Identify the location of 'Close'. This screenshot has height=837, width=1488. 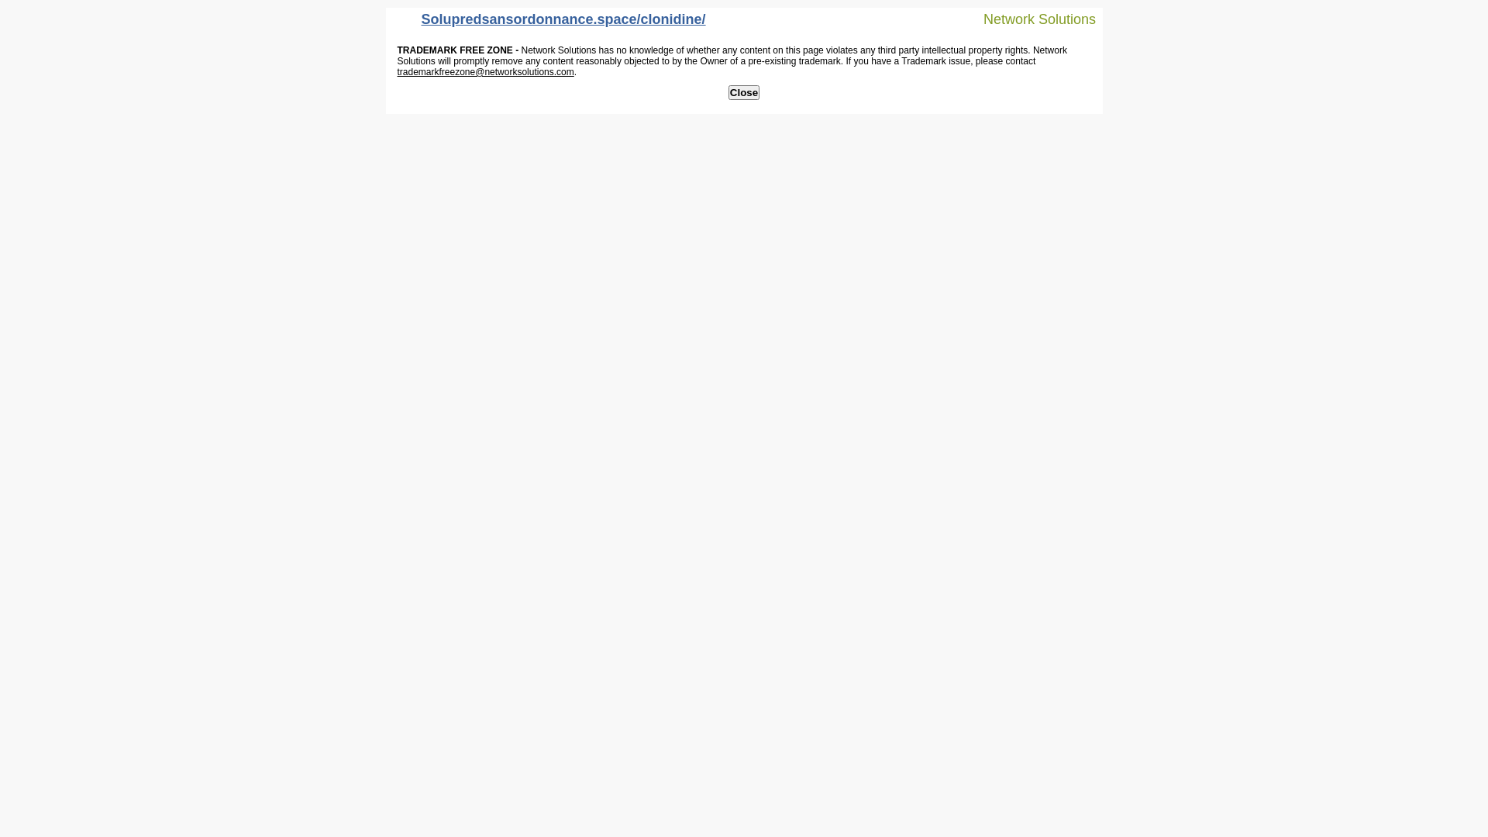
(744, 92).